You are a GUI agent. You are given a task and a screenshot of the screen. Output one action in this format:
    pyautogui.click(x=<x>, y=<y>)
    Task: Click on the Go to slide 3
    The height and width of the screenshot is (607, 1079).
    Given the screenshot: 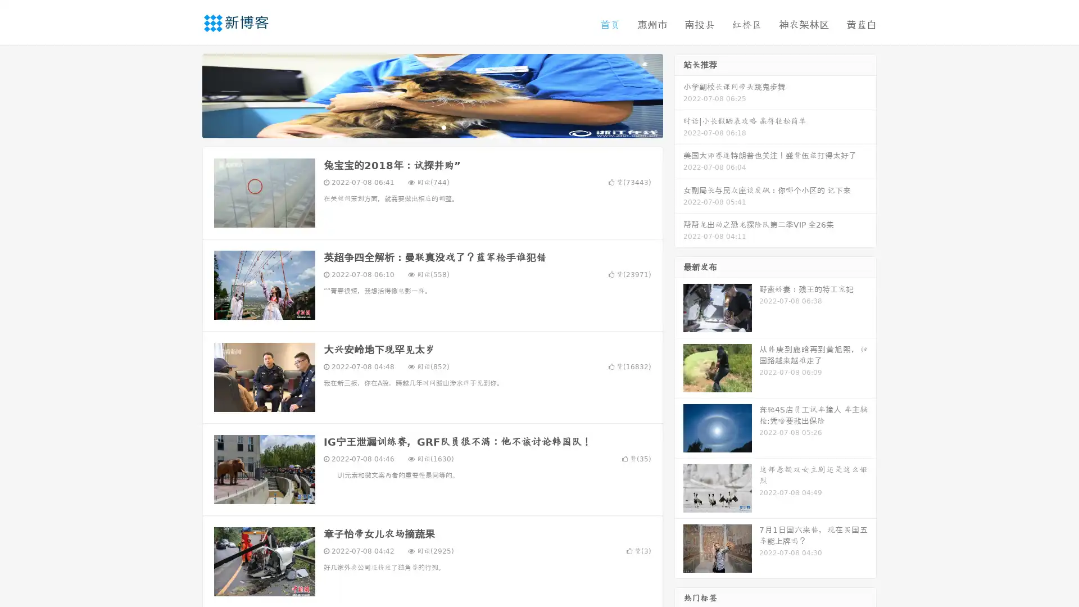 What is the action you would take?
    pyautogui.click(x=443, y=126)
    